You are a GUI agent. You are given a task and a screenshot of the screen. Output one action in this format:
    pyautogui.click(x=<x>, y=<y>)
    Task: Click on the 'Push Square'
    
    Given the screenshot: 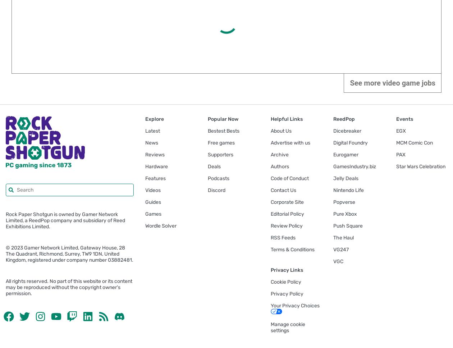 What is the action you would take?
    pyautogui.click(x=333, y=225)
    